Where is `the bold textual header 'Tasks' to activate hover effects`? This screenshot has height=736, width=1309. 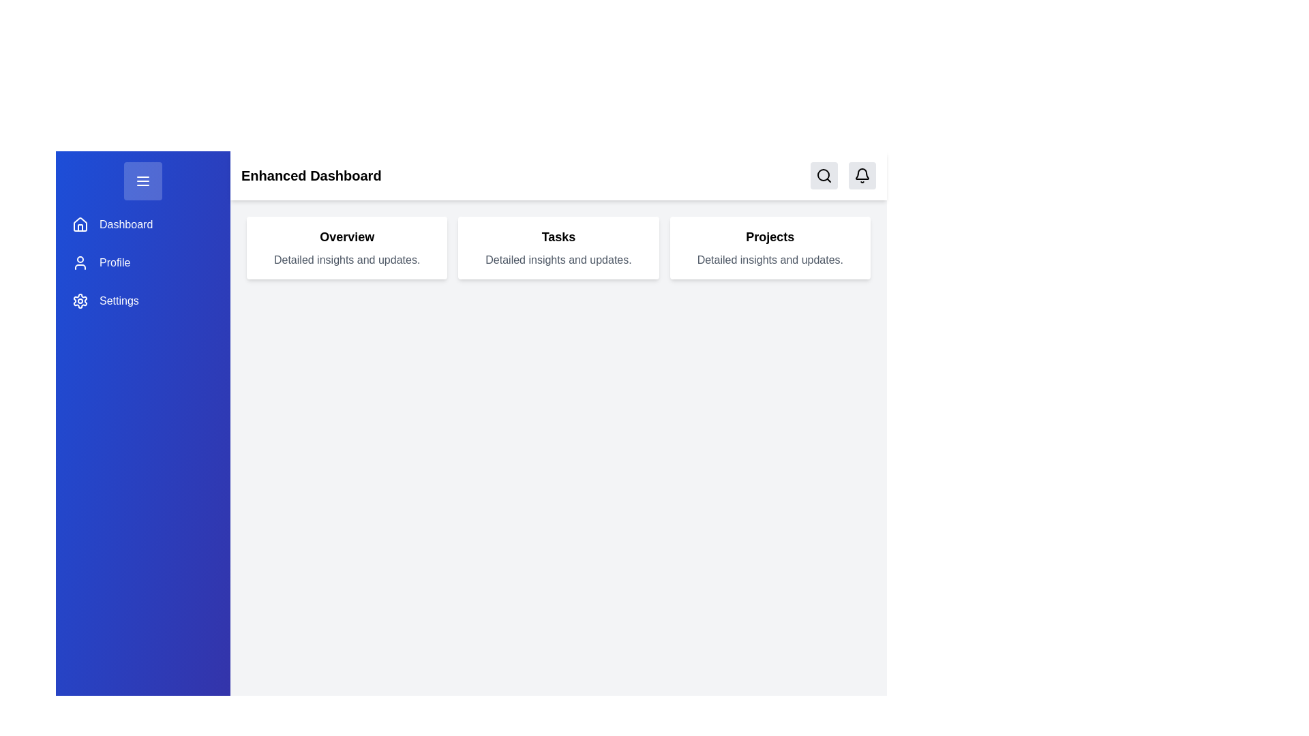
the bold textual header 'Tasks' to activate hover effects is located at coordinates (558, 236).